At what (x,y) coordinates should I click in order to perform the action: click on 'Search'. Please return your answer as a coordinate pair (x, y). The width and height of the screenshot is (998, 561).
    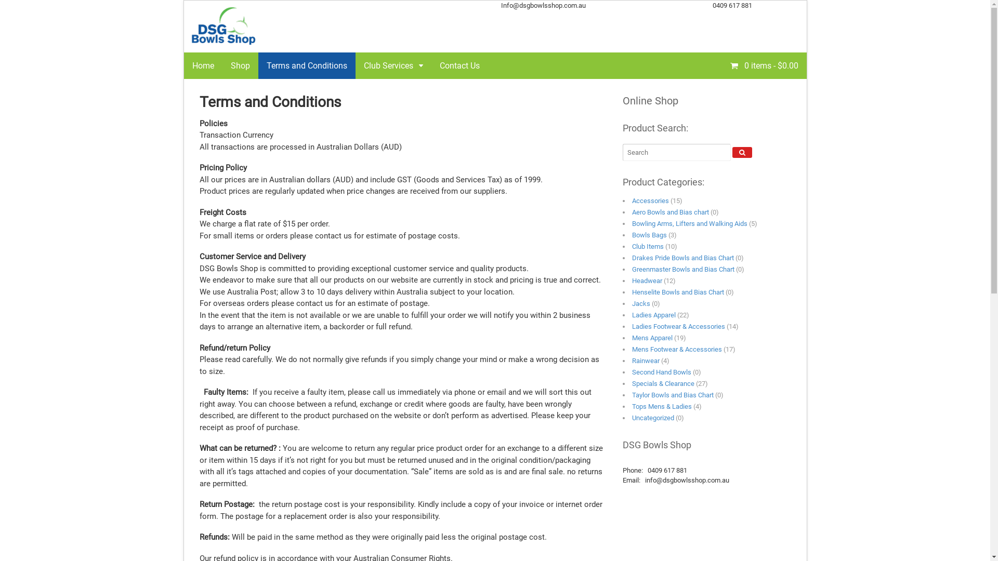
    Looking at the image, I should click on (742, 152).